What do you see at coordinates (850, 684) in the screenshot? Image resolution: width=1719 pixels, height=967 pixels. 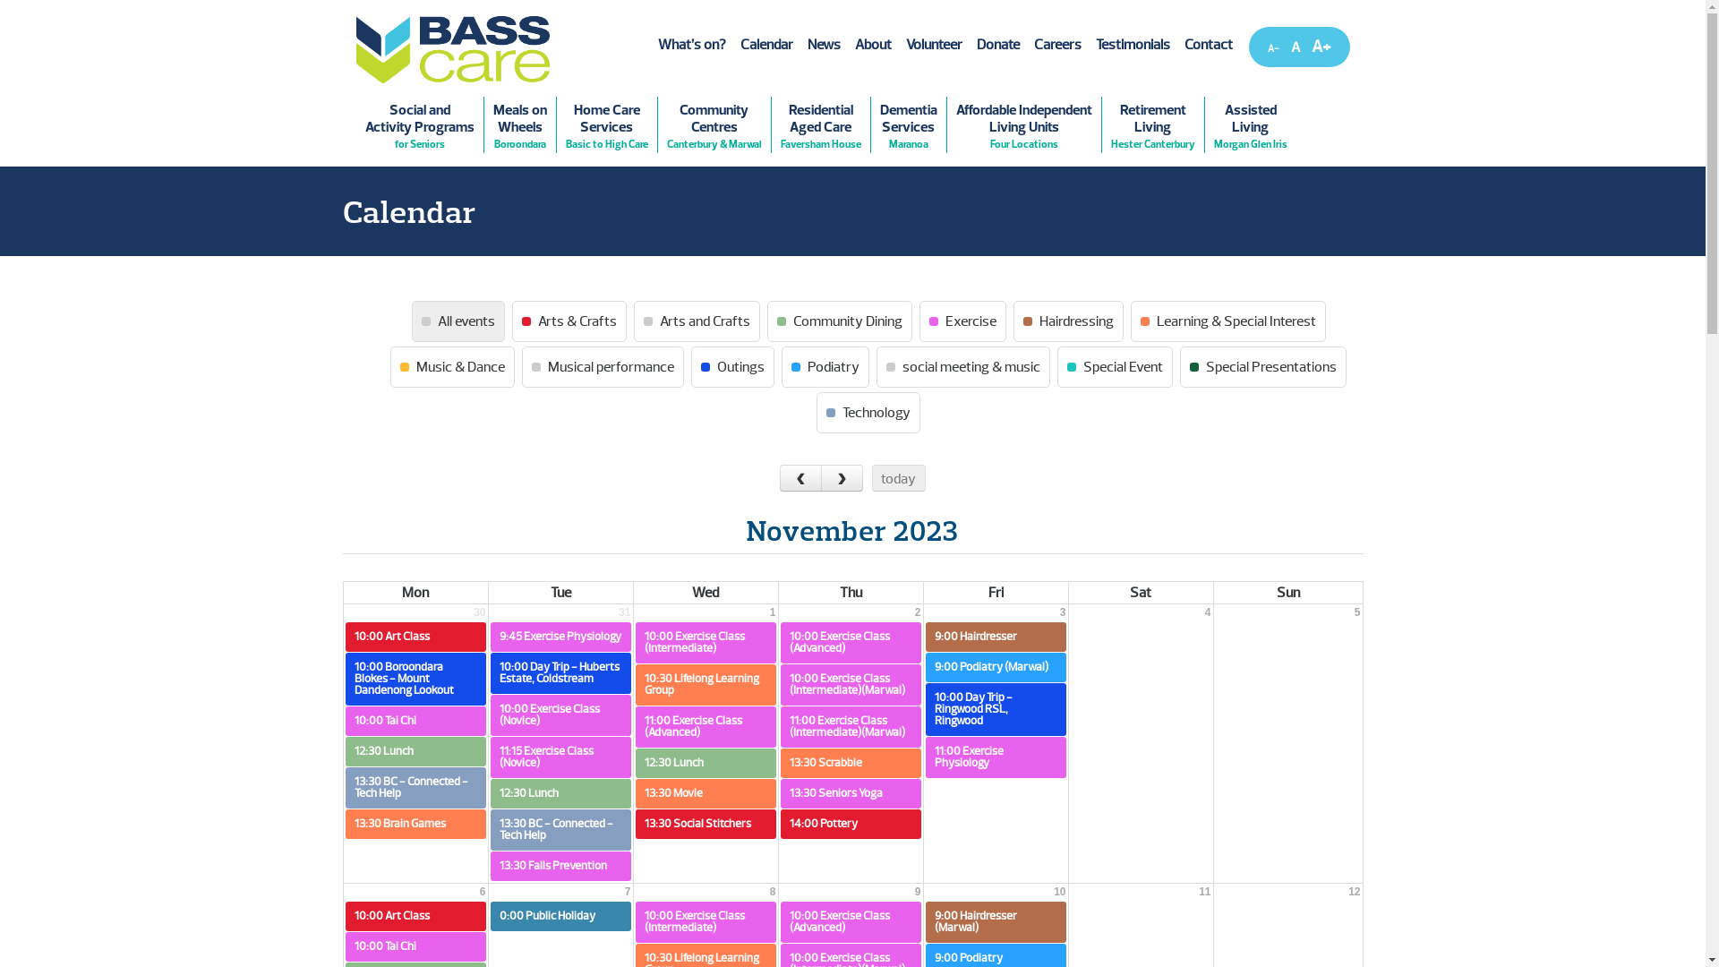 I see `'10:00 Exercise Class (Intermediate)(Marwal)` at bounding box center [850, 684].